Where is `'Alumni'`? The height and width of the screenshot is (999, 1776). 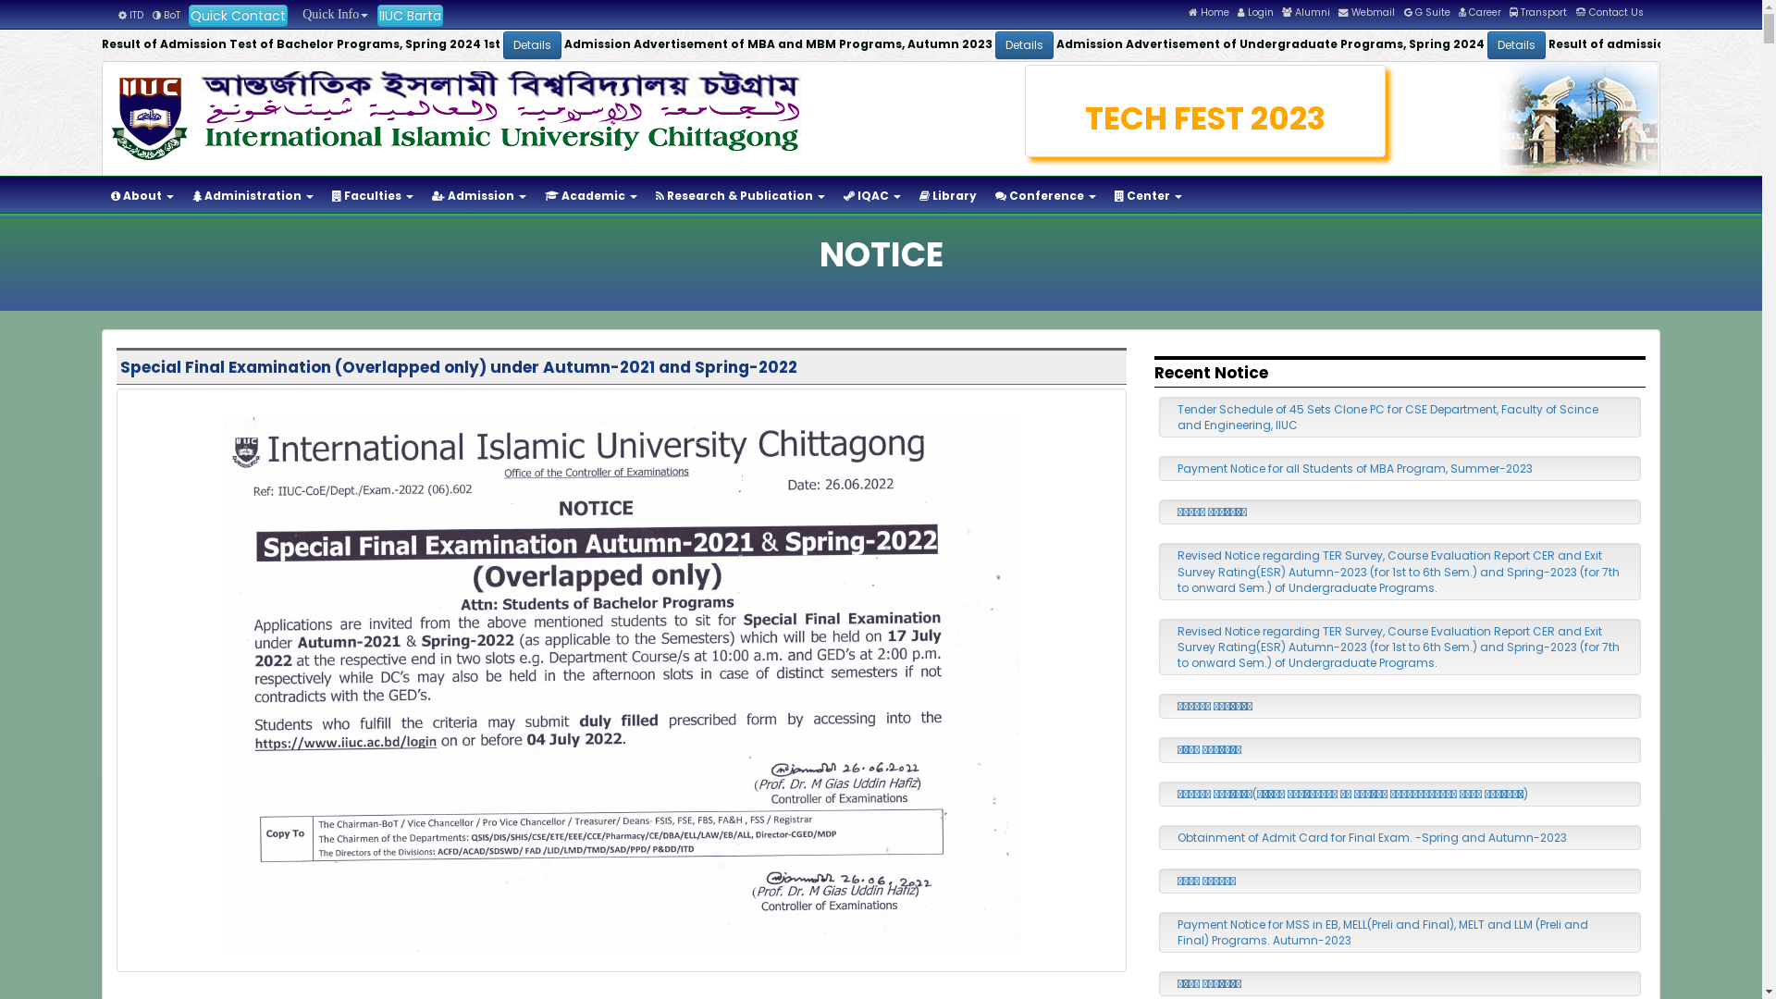
'Alumni' is located at coordinates (1304, 12).